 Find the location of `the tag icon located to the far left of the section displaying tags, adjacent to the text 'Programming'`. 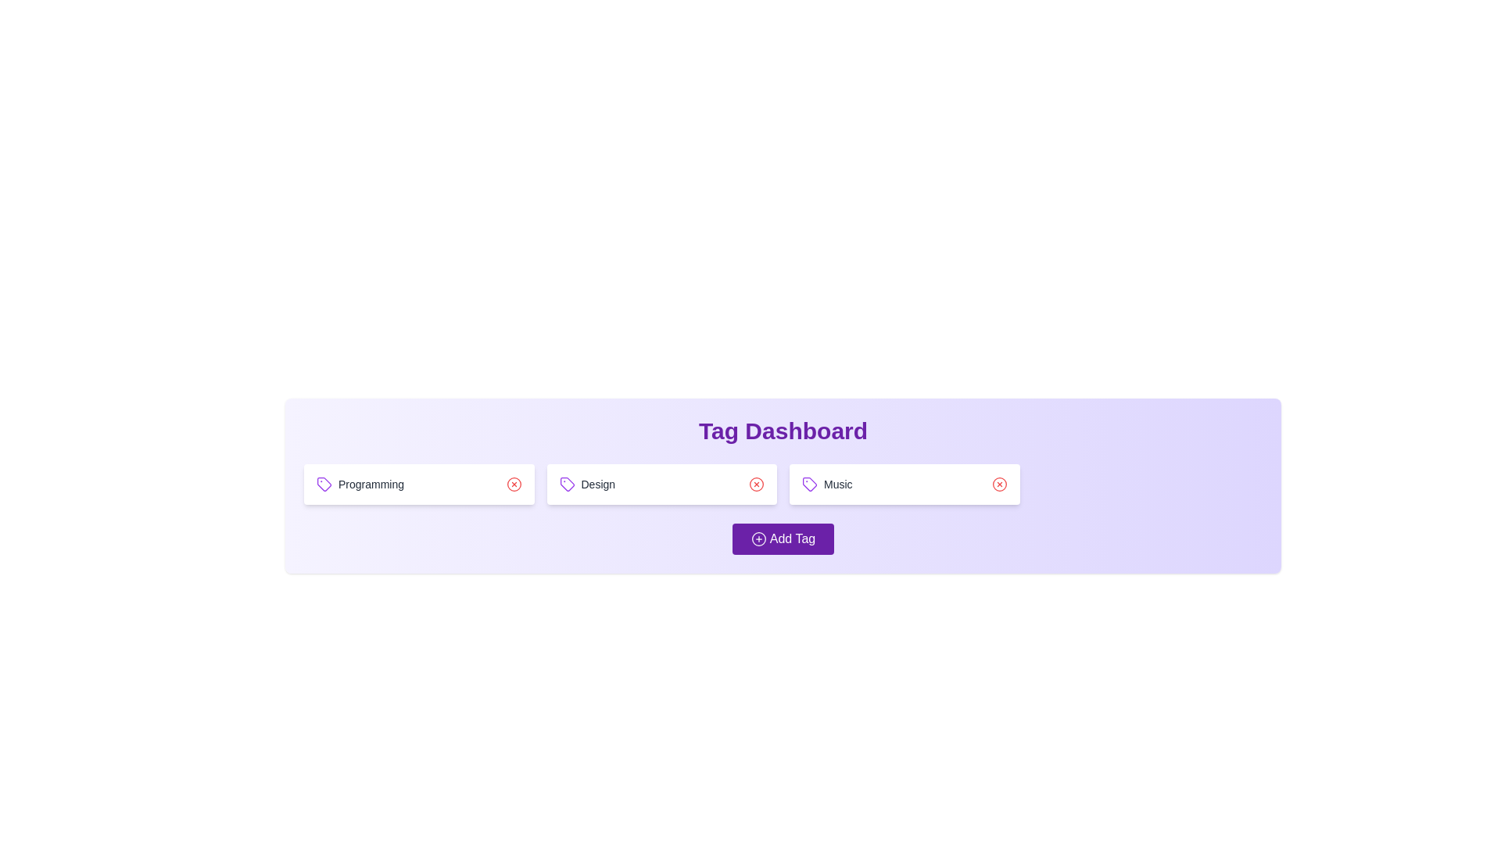

the tag icon located to the far left of the section displaying tags, adjacent to the text 'Programming' is located at coordinates (323, 484).